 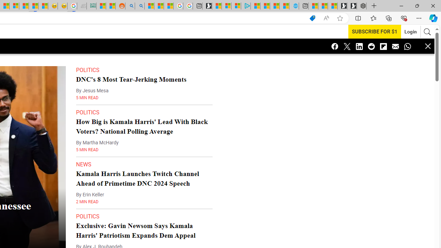 I want to click on 'Class: icon-twitter', so click(x=347, y=46).